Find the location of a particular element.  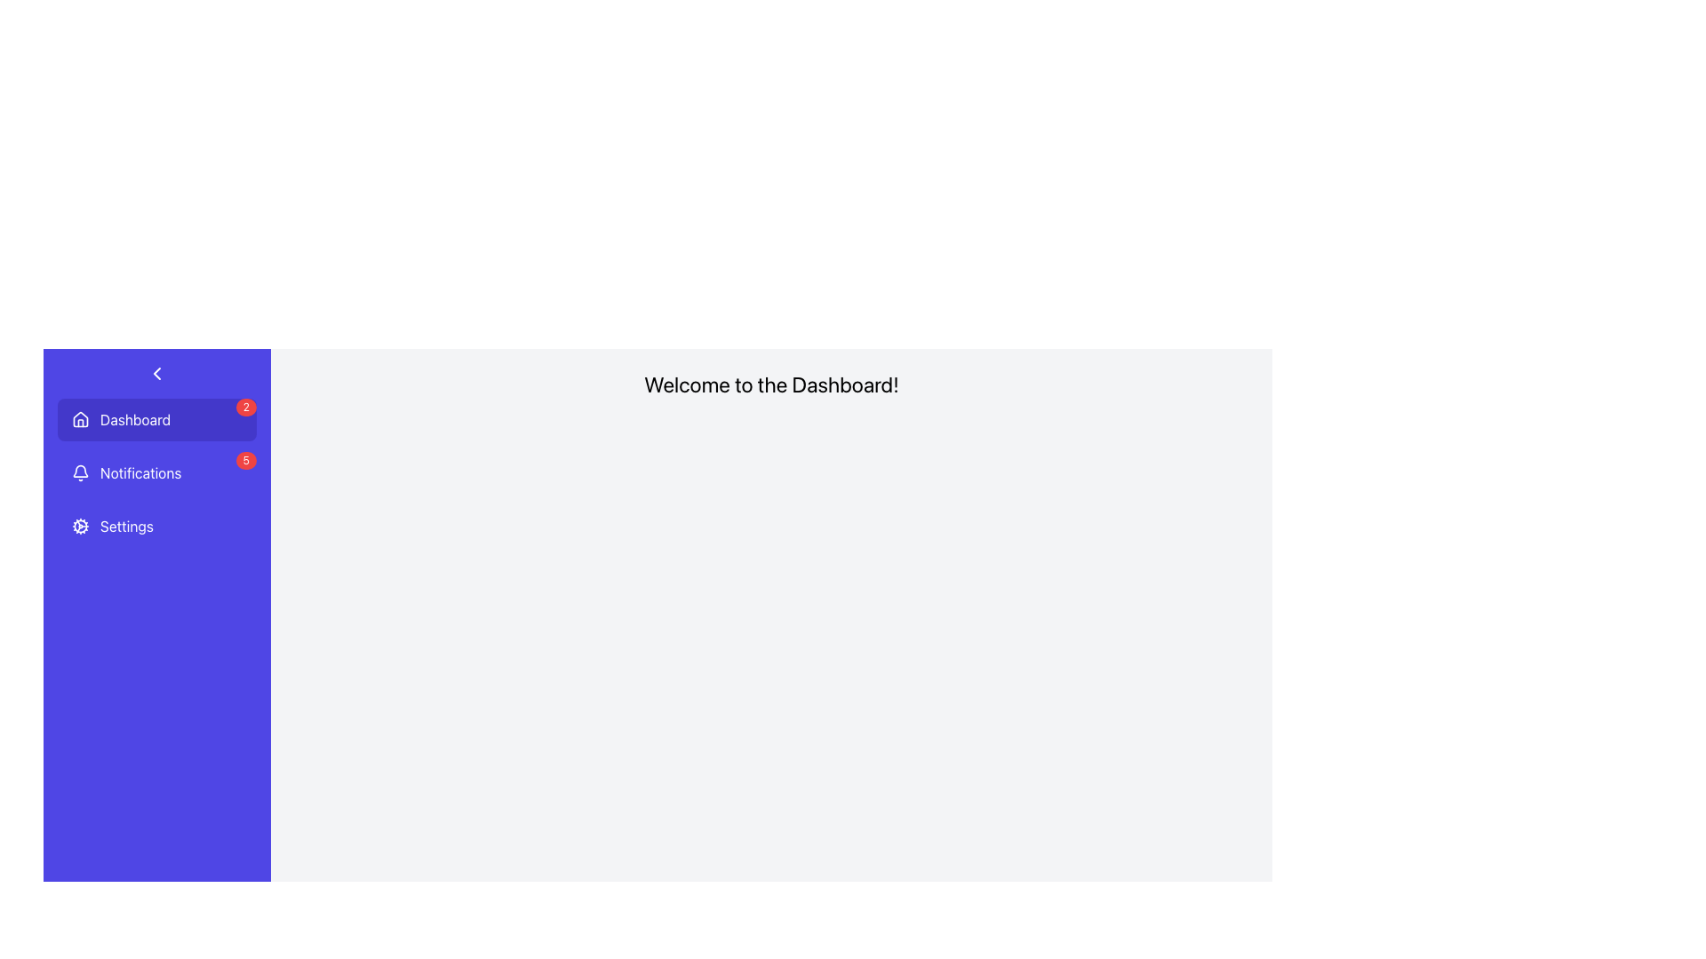

the house-shaped icon, which is the leftmost item in the 'Dashboard' button of the vertical menu is located at coordinates (80, 420).